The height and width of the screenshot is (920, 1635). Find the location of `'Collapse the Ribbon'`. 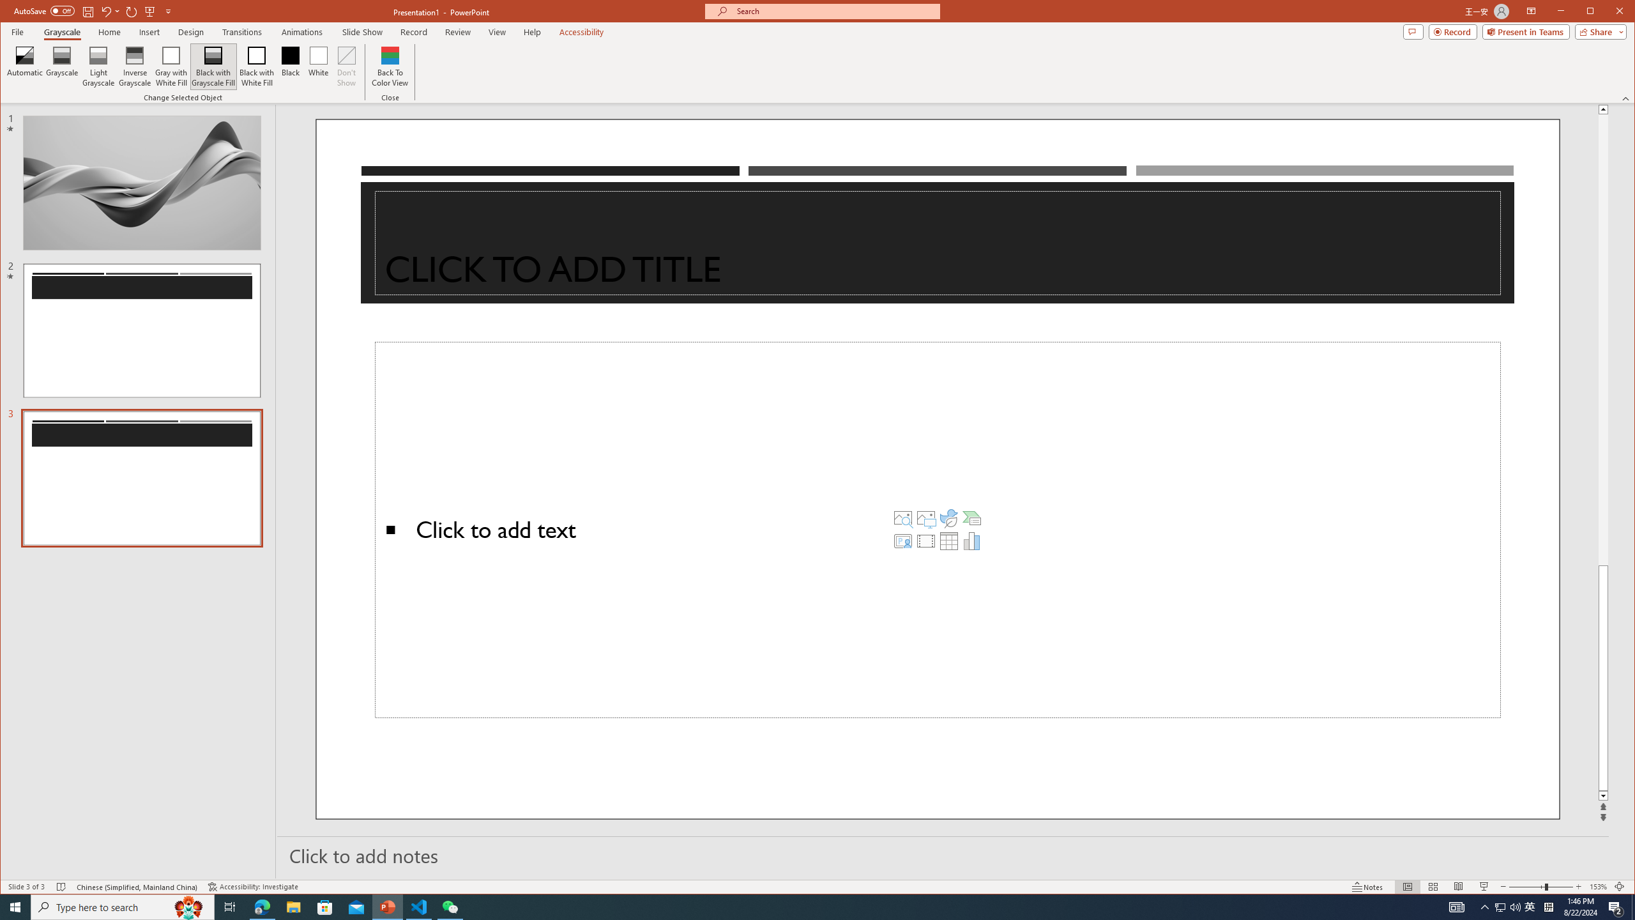

'Collapse the Ribbon' is located at coordinates (1627, 98).